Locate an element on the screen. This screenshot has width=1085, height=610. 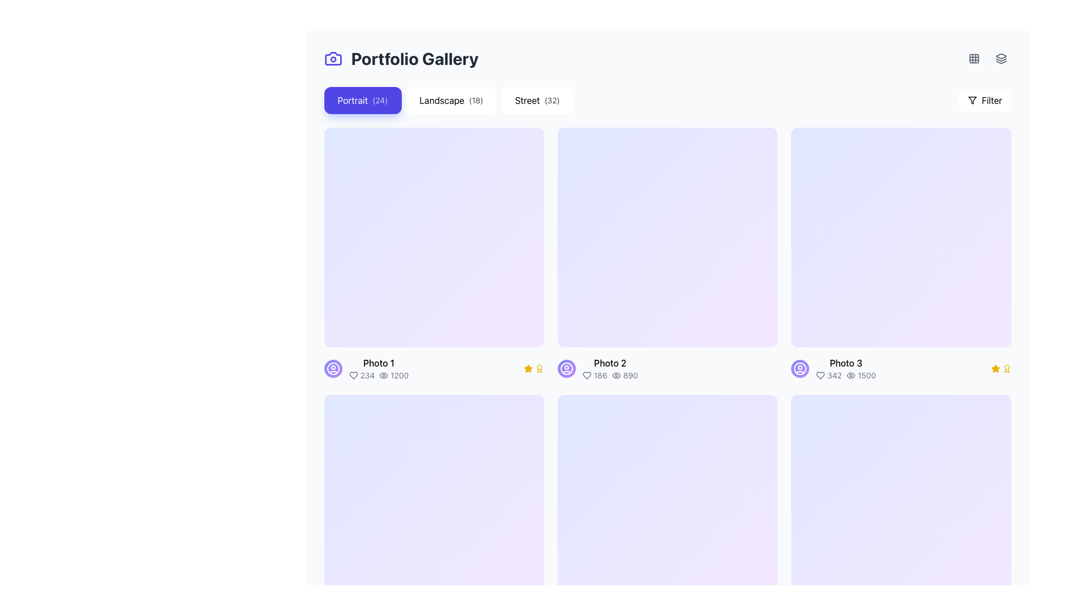
the outermost circular visual element of the SVG-based user profile icon, which represents a user or account in the gallery interface is located at coordinates (566, 369).